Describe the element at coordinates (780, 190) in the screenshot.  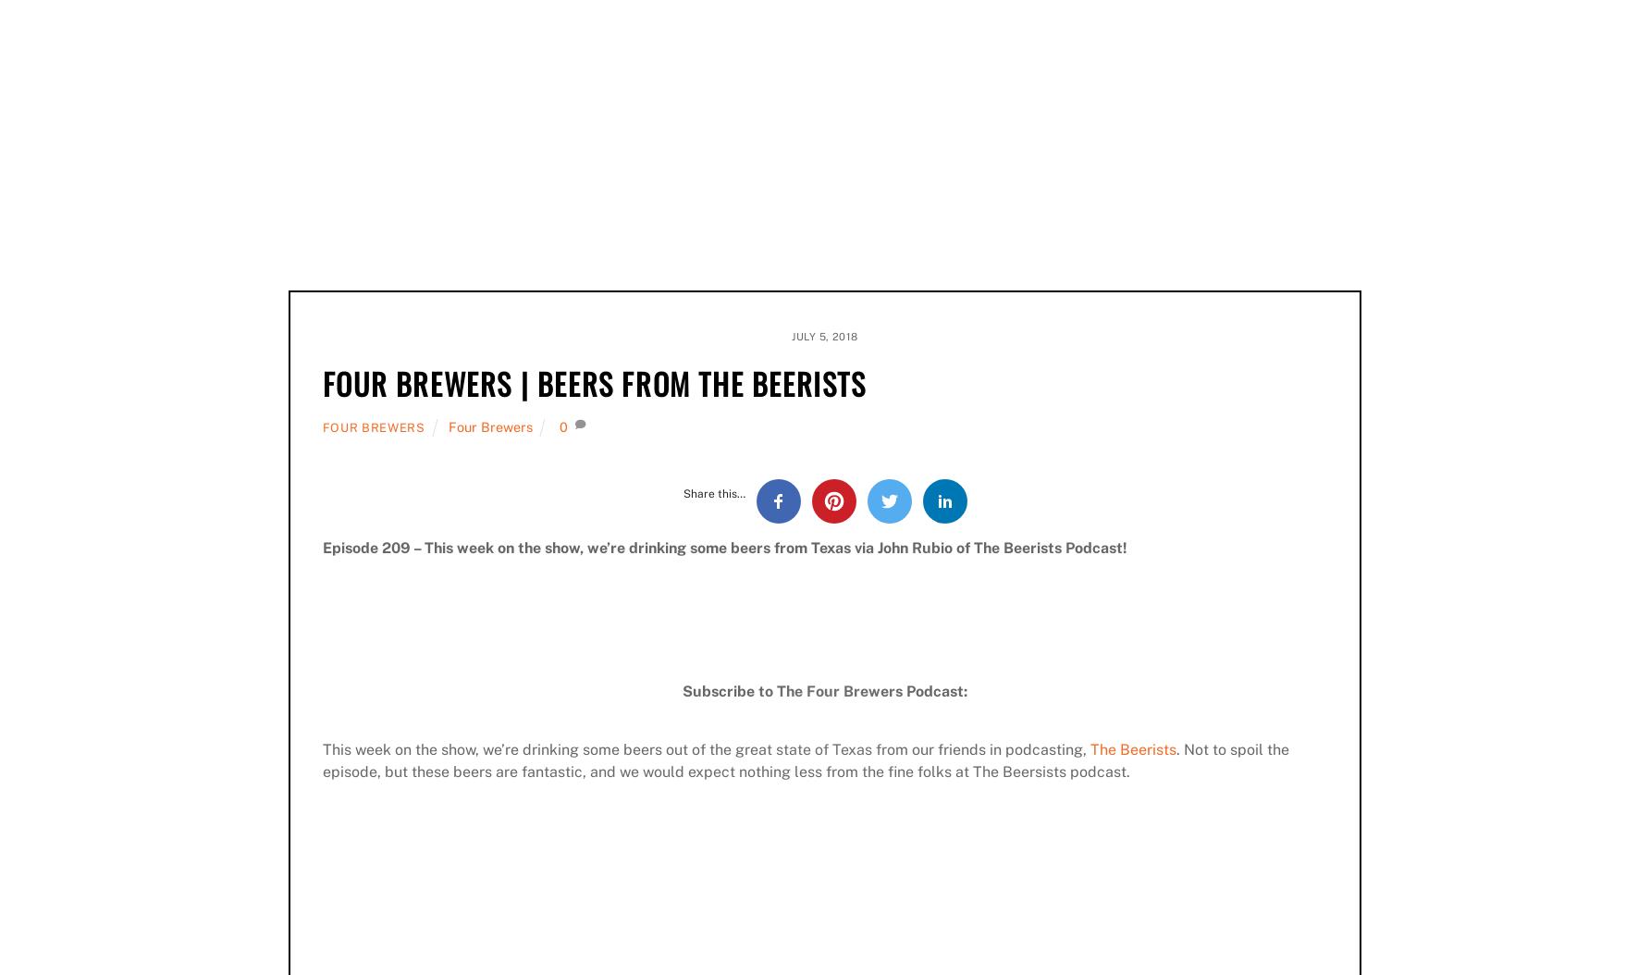
I see `'Snapchat'` at that location.